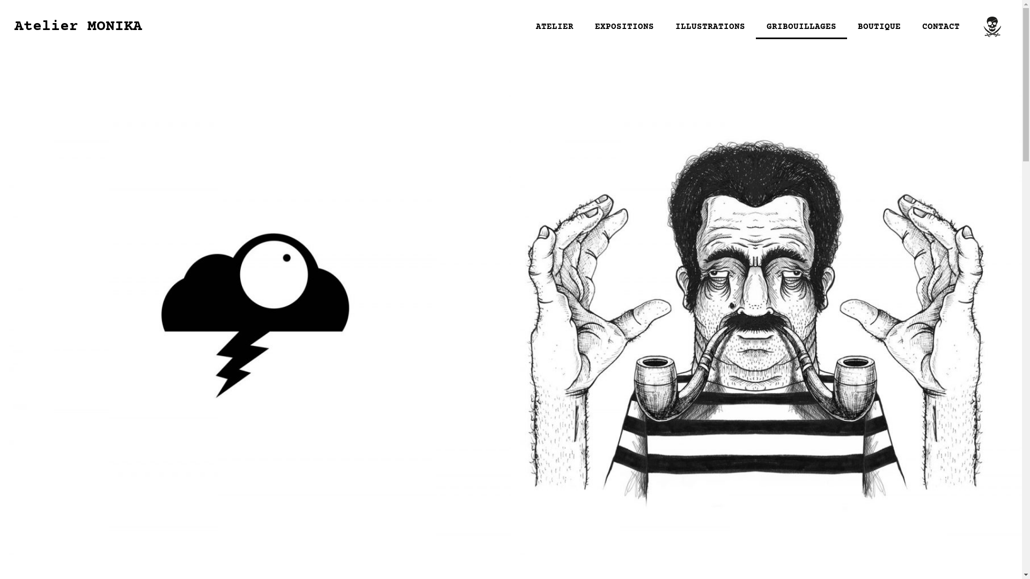 This screenshot has width=1030, height=579. What do you see at coordinates (801, 26) in the screenshot?
I see `'GRIBOUILLAGES'` at bounding box center [801, 26].